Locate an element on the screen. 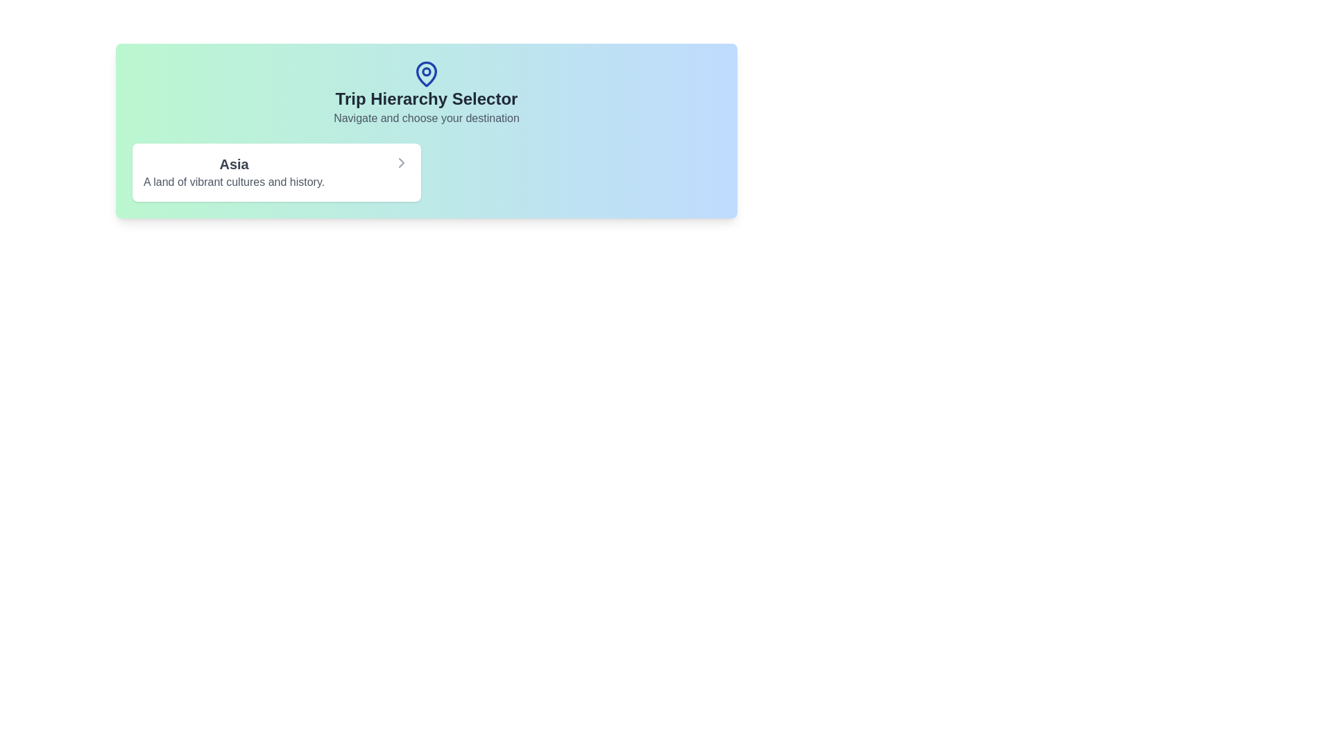 The image size is (1332, 749). the blue map pin icon, which is a visual indicator positioned above the text 'Trip Hierarchy Selector' is located at coordinates (425, 74).